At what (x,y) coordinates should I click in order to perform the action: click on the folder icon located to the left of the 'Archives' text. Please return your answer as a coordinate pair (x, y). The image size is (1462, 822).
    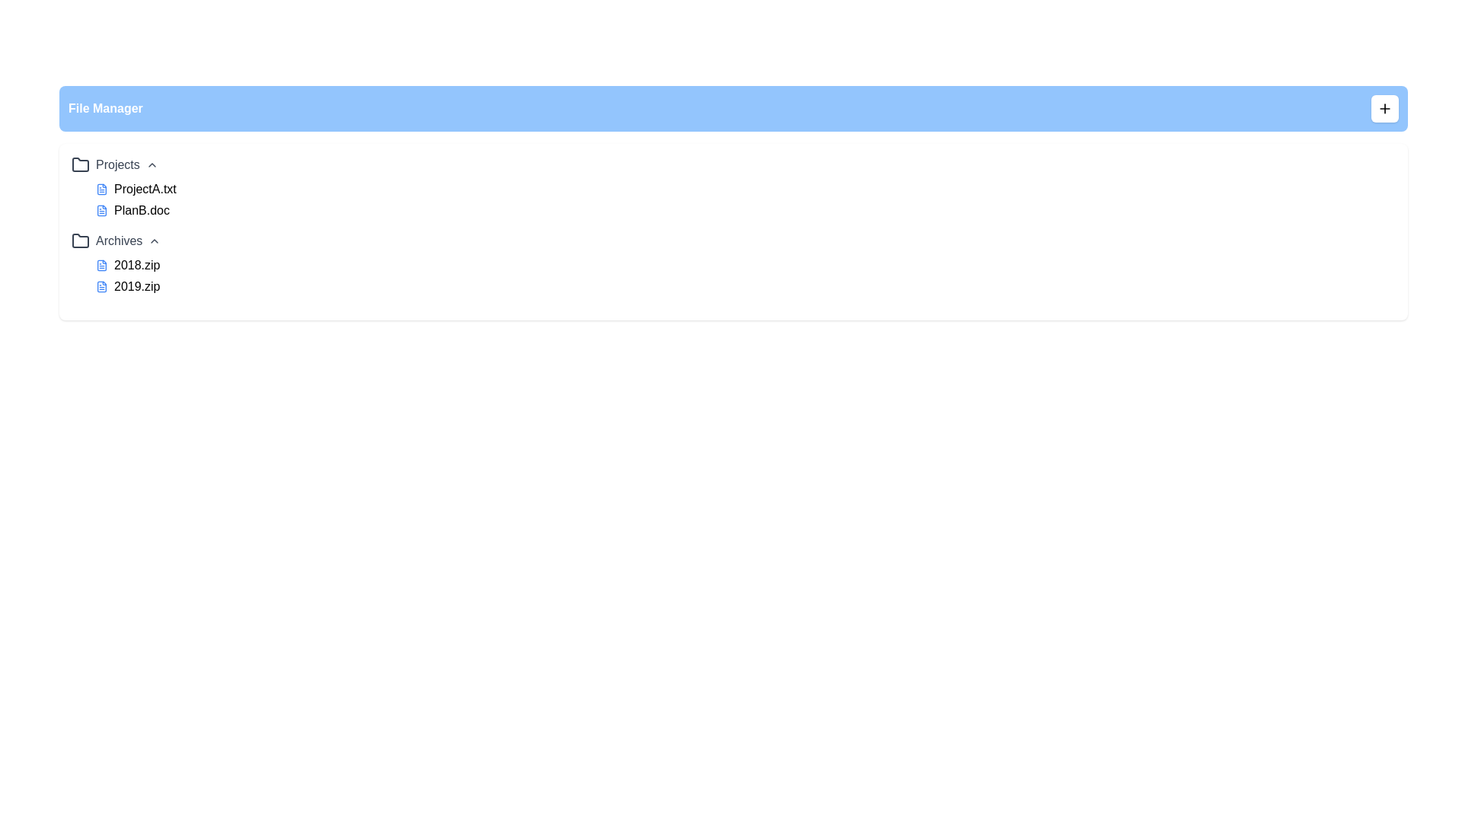
    Looking at the image, I should click on (79, 240).